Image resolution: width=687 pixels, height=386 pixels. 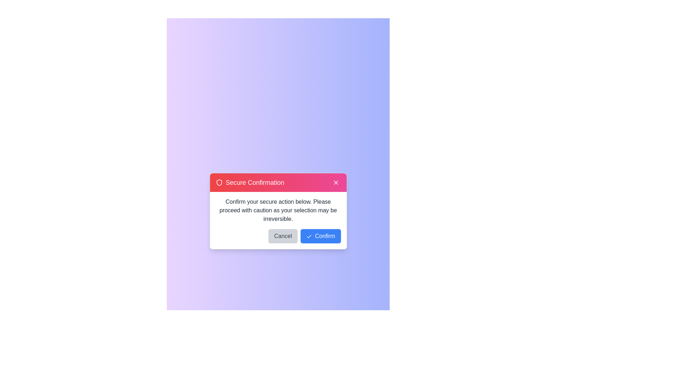 What do you see at coordinates (335, 182) in the screenshot?
I see `the close button located at the top-right corner of the 'Secure Confirmation' dialog` at bounding box center [335, 182].